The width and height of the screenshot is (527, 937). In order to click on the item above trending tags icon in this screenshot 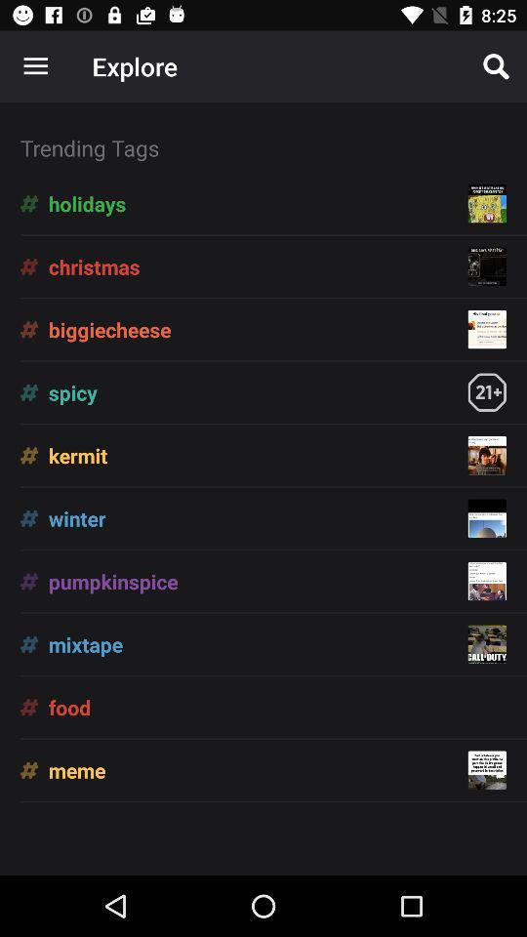, I will do `click(496, 66)`.